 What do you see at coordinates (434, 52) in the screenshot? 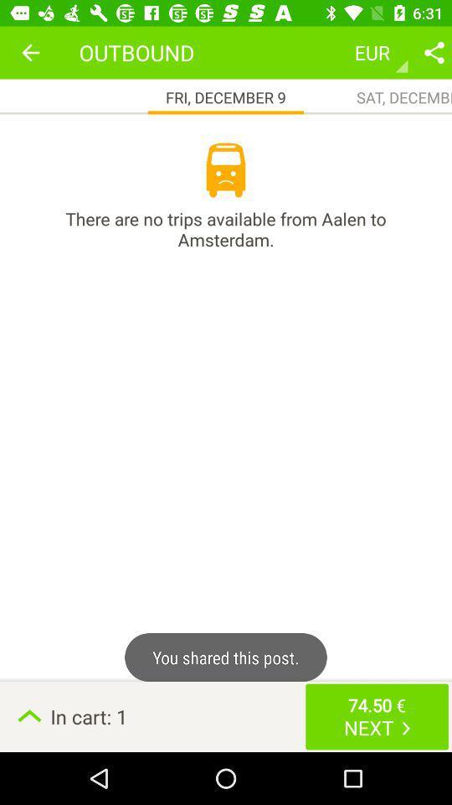
I see `share post` at bounding box center [434, 52].